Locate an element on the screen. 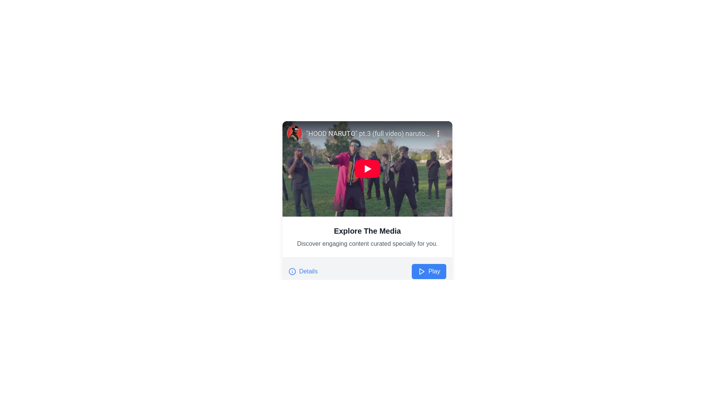 The width and height of the screenshot is (728, 409). the play button icon located in the bottom-right corner of the video card layout to initiate playback of the video is located at coordinates (421, 271).